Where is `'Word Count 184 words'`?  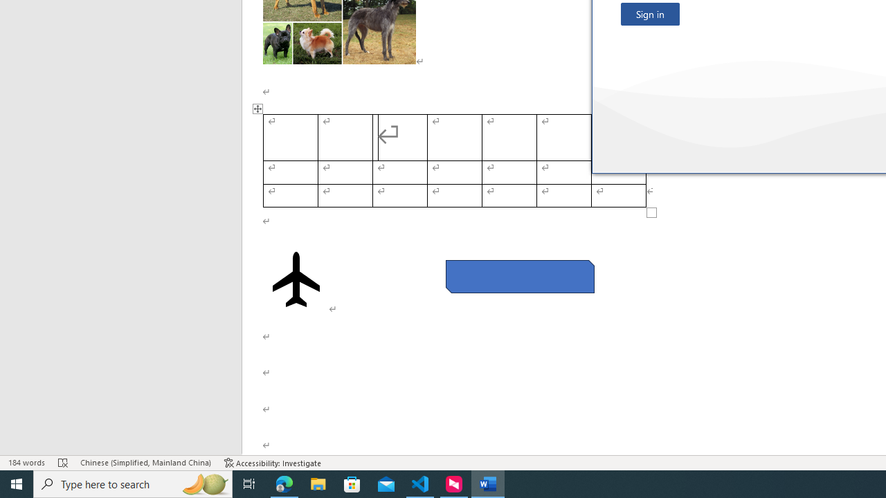 'Word Count 184 words' is located at coordinates (26, 463).